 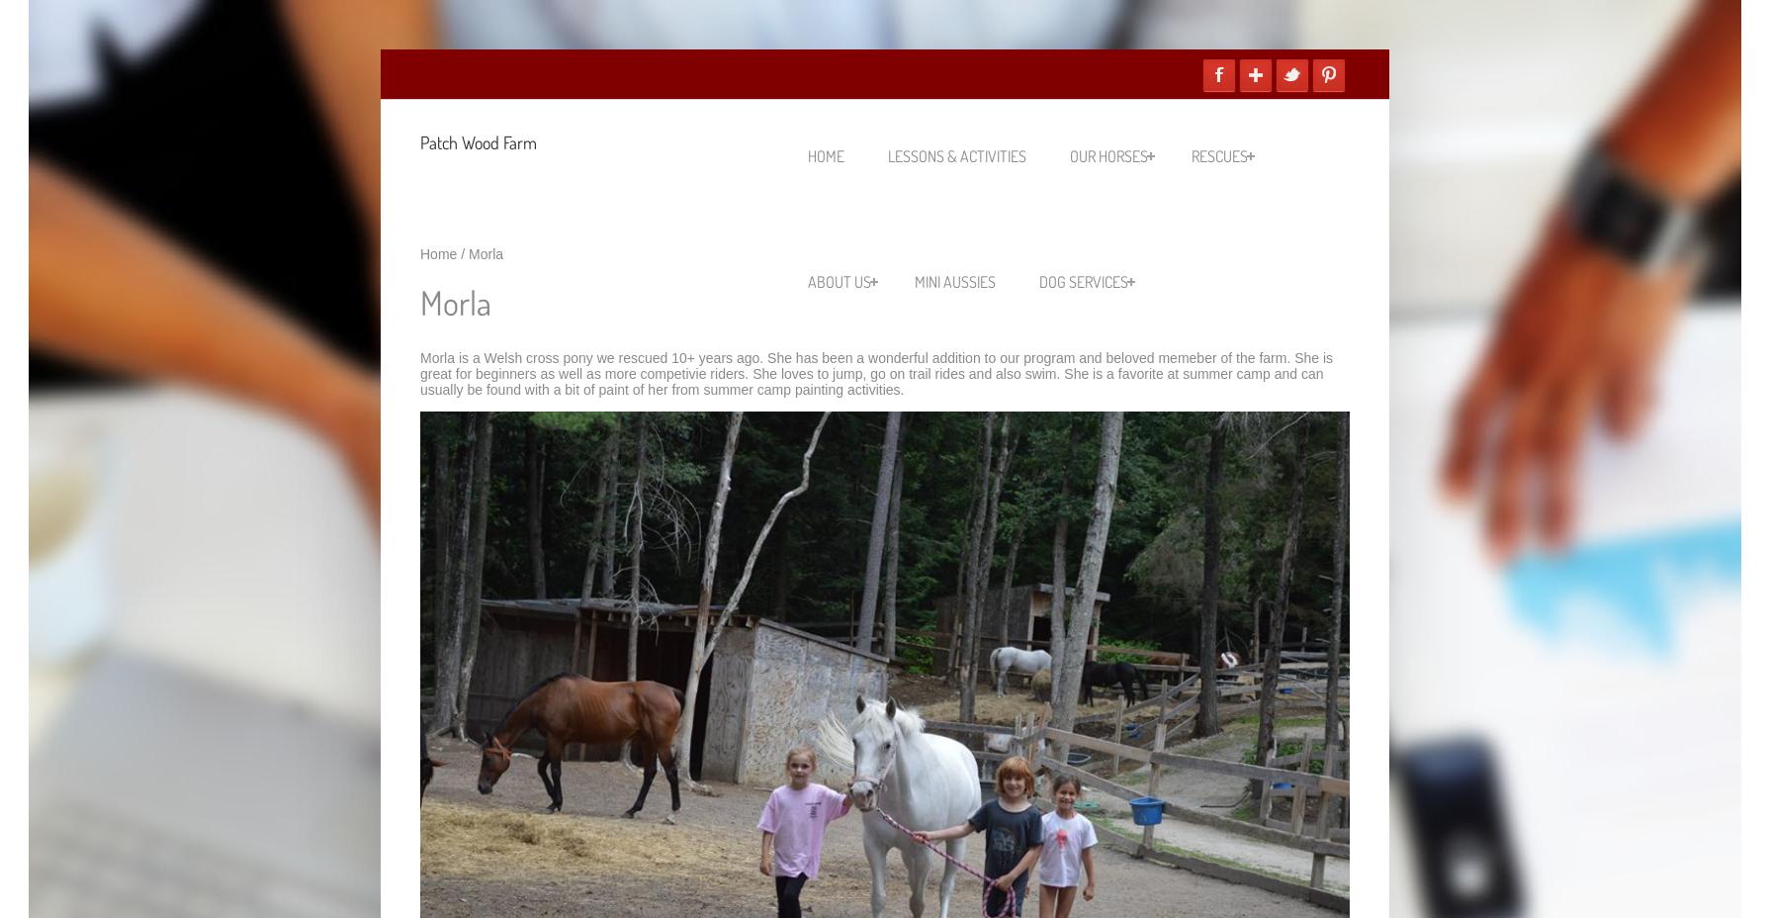 I want to click on 'Lessons & Activities', so click(x=957, y=156).